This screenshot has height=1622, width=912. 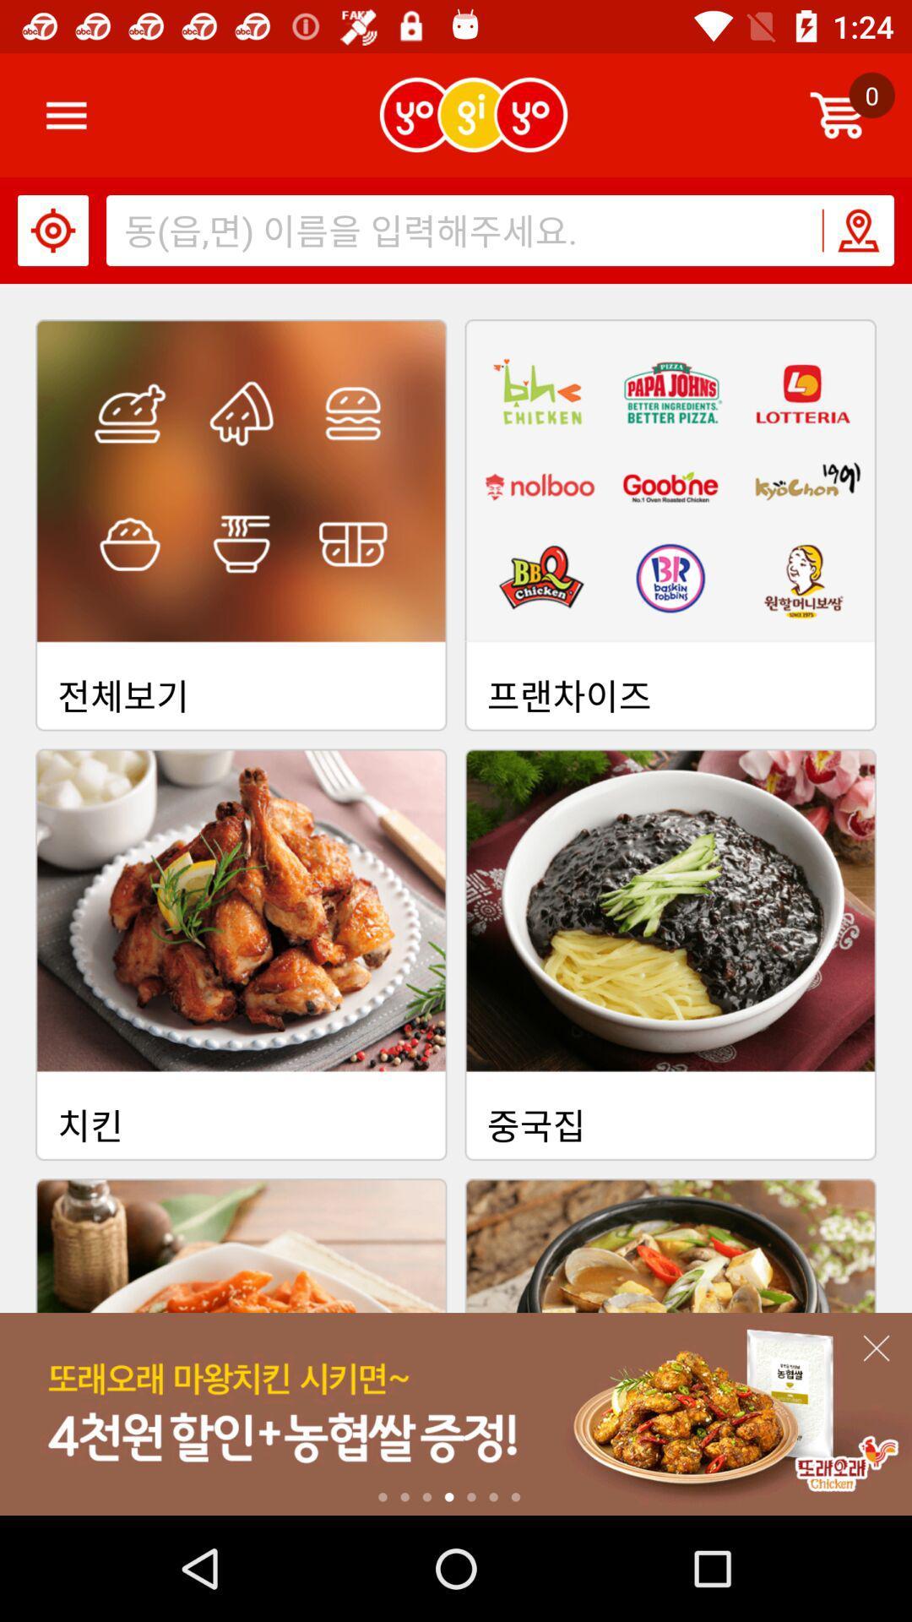 What do you see at coordinates (875, 1347) in the screenshot?
I see `the close icon` at bounding box center [875, 1347].